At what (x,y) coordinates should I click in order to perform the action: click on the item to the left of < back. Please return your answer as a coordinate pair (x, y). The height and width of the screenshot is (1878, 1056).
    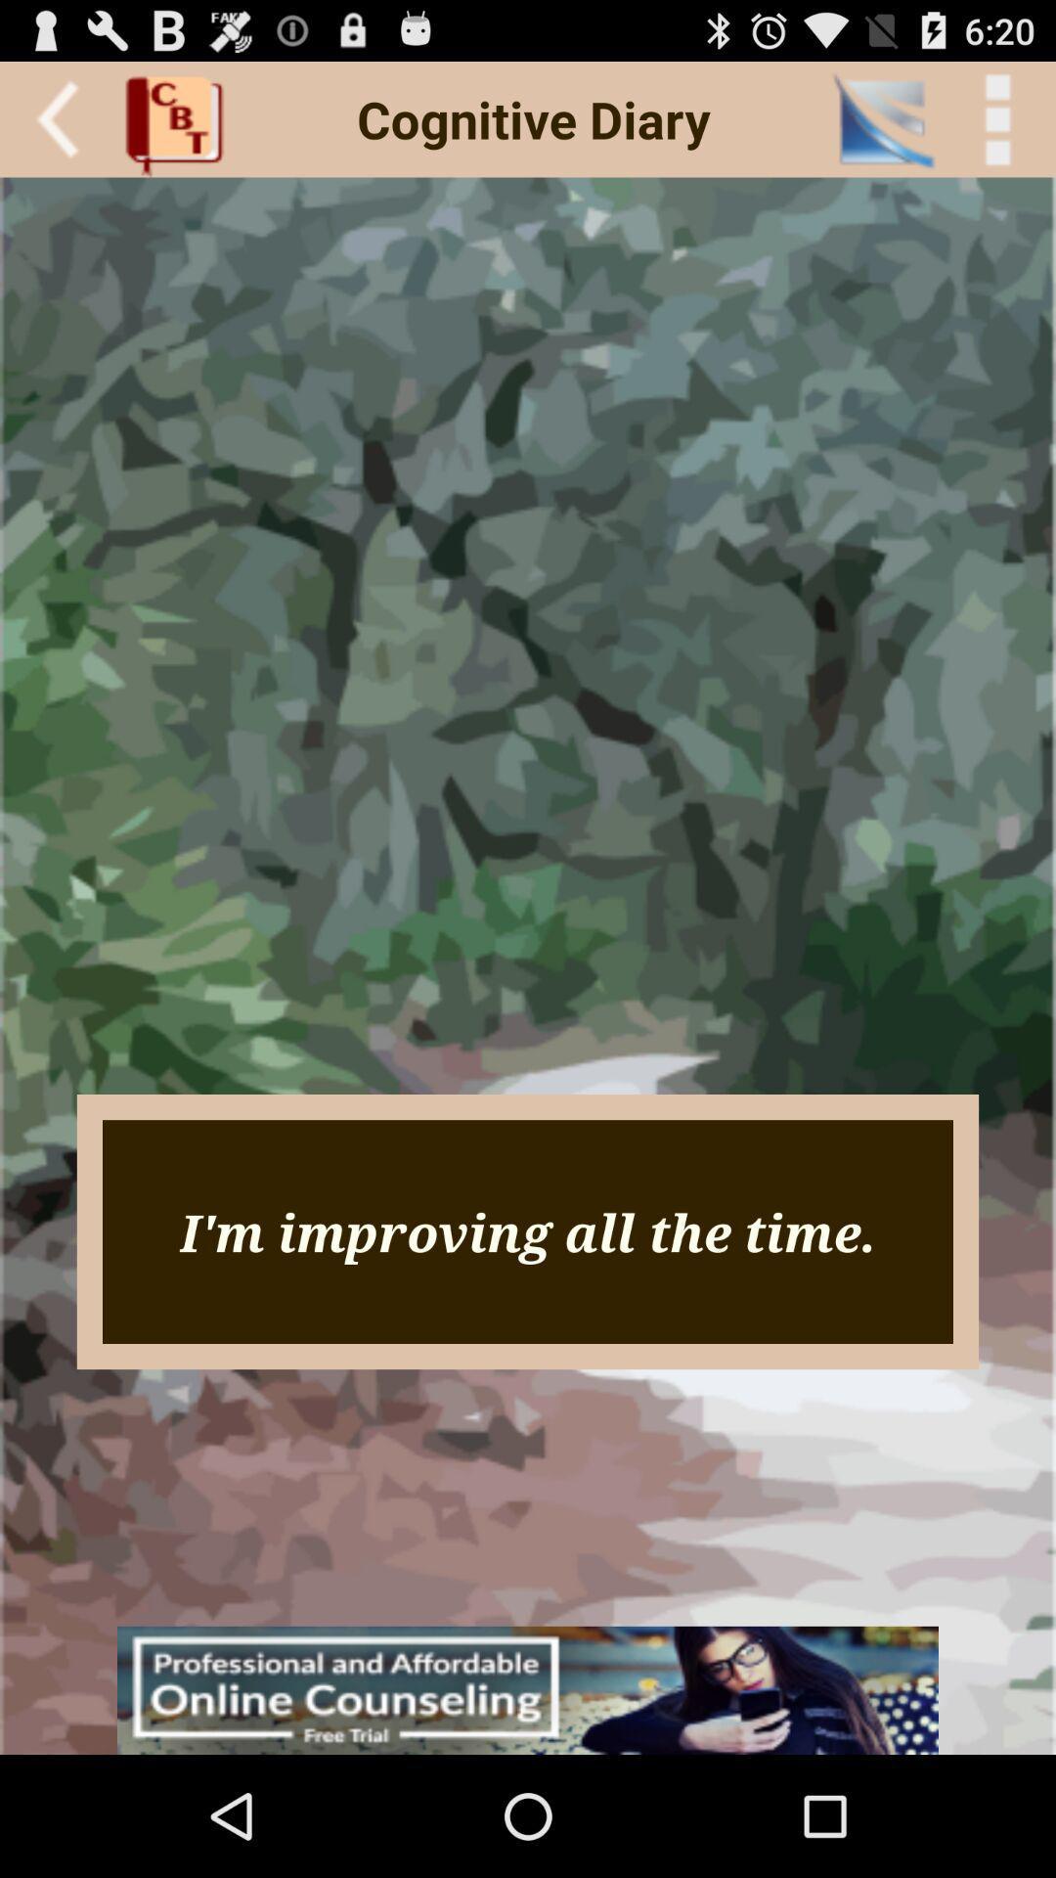
    Looking at the image, I should click on (882, 118).